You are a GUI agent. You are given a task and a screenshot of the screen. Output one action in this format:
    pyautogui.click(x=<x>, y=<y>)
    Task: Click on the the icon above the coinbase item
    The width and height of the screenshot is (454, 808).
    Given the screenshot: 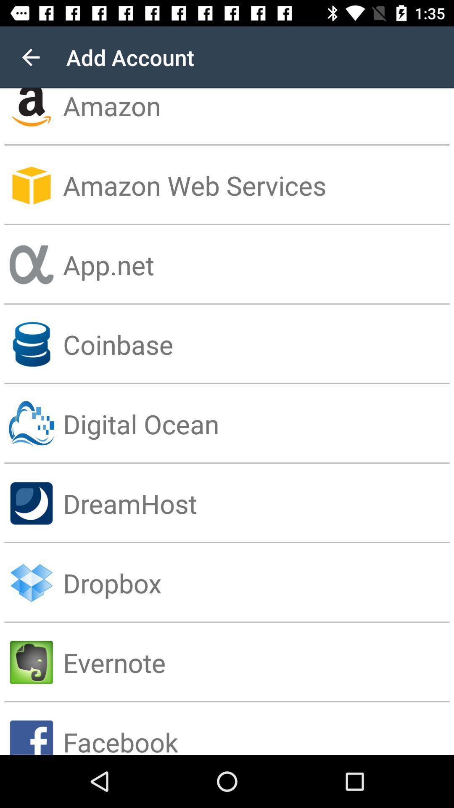 What is the action you would take?
    pyautogui.click(x=258, y=264)
    